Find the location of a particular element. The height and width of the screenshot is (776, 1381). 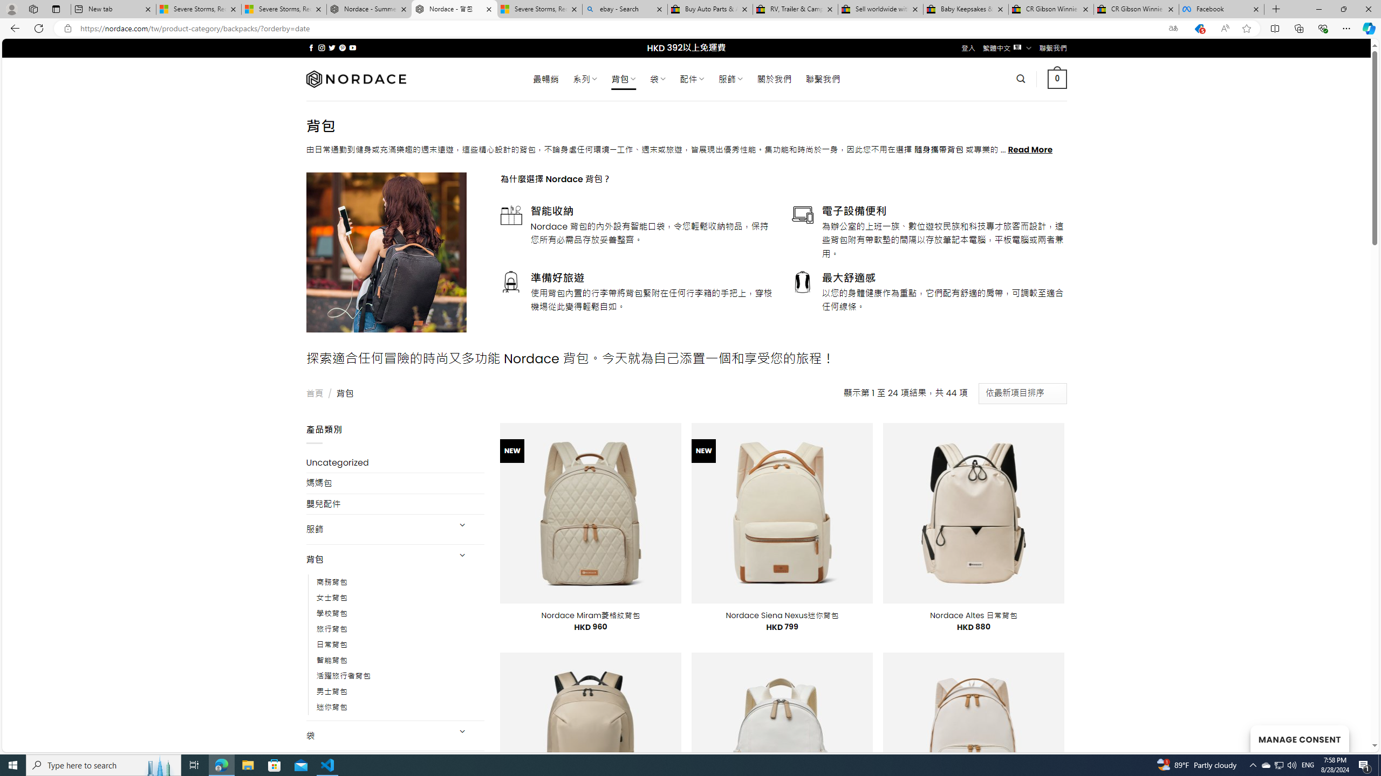

'Show translate options' is located at coordinates (1172, 29).